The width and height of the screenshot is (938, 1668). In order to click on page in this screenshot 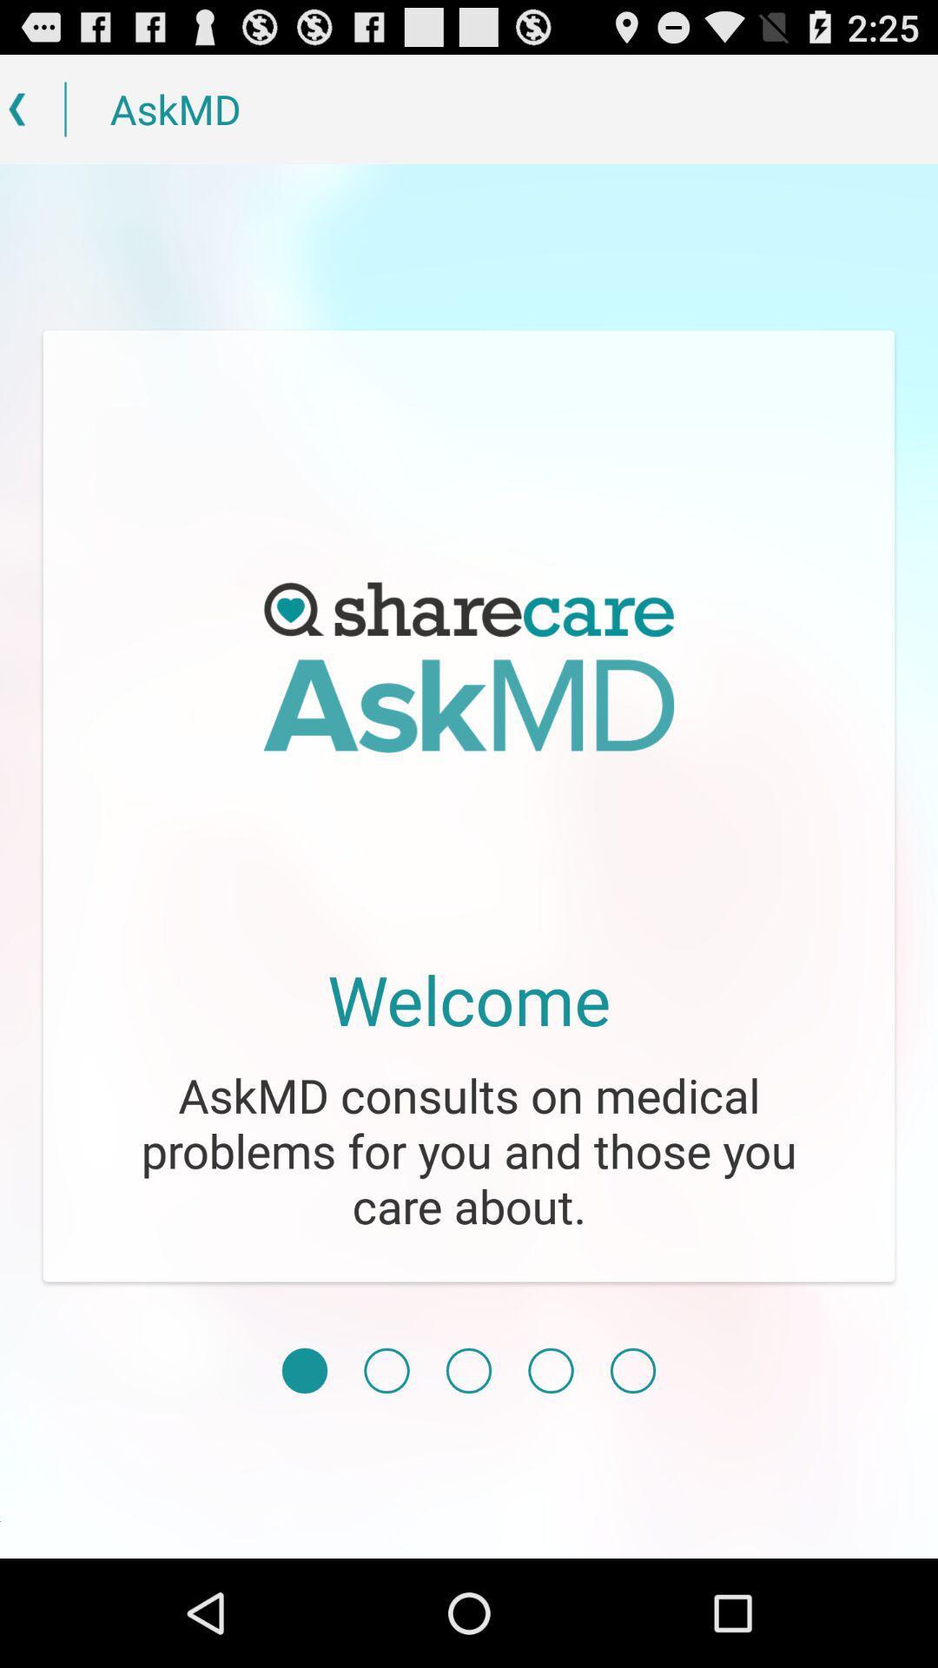, I will do `click(304, 1370)`.